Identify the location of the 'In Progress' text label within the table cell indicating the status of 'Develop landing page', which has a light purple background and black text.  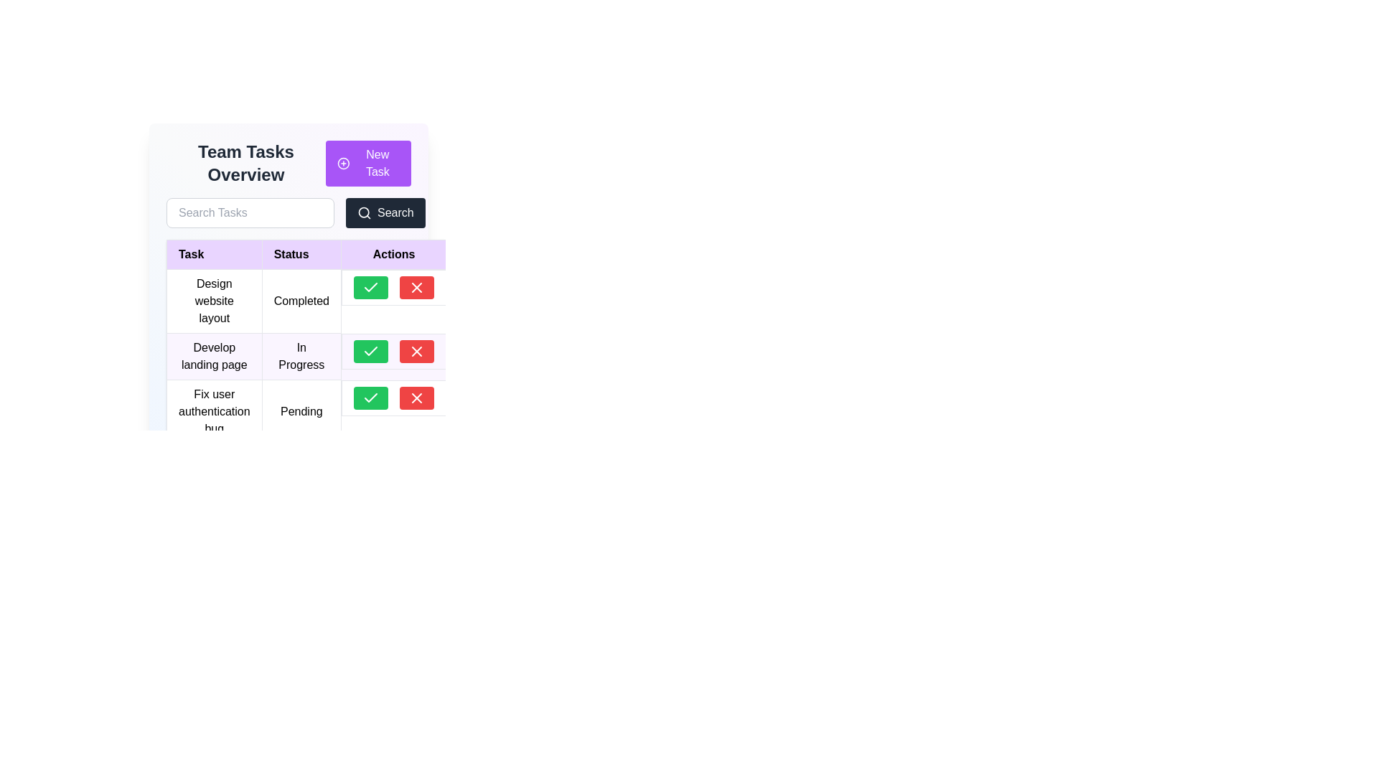
(306, 356).